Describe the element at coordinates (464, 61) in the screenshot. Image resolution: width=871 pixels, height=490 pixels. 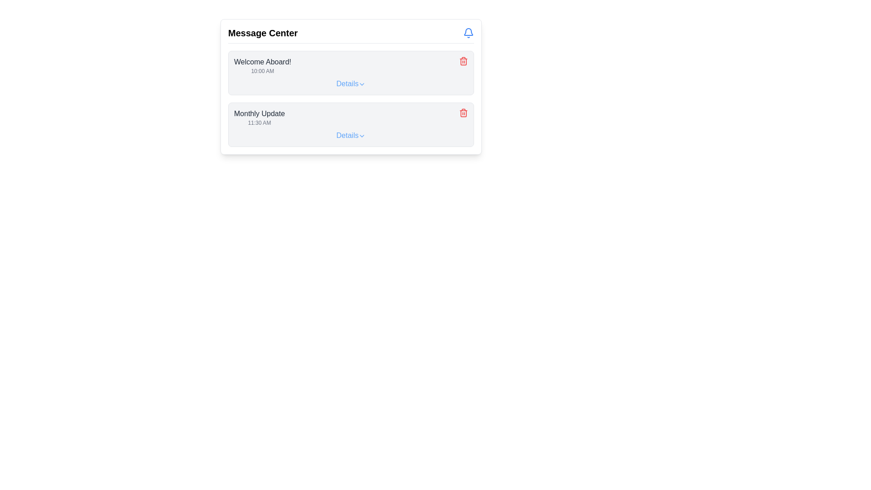
I see `the deletion button located to the far-right of the 'Welcome Aboard!' message` at that location.